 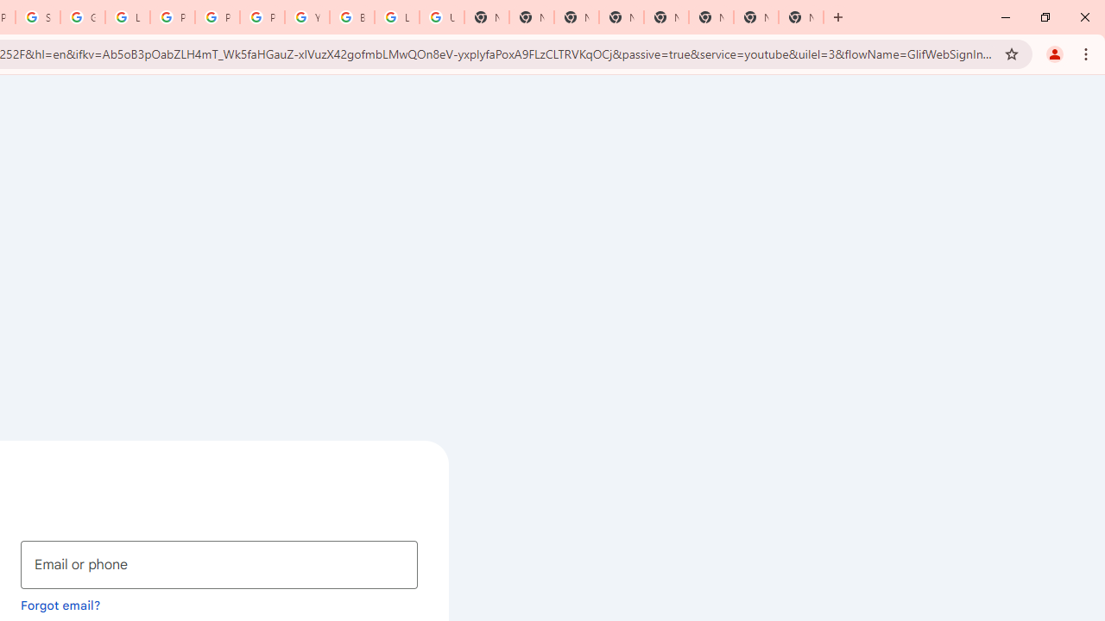 I want to click on 'Sign in - Google Accounts', so click(x=38, y=17).